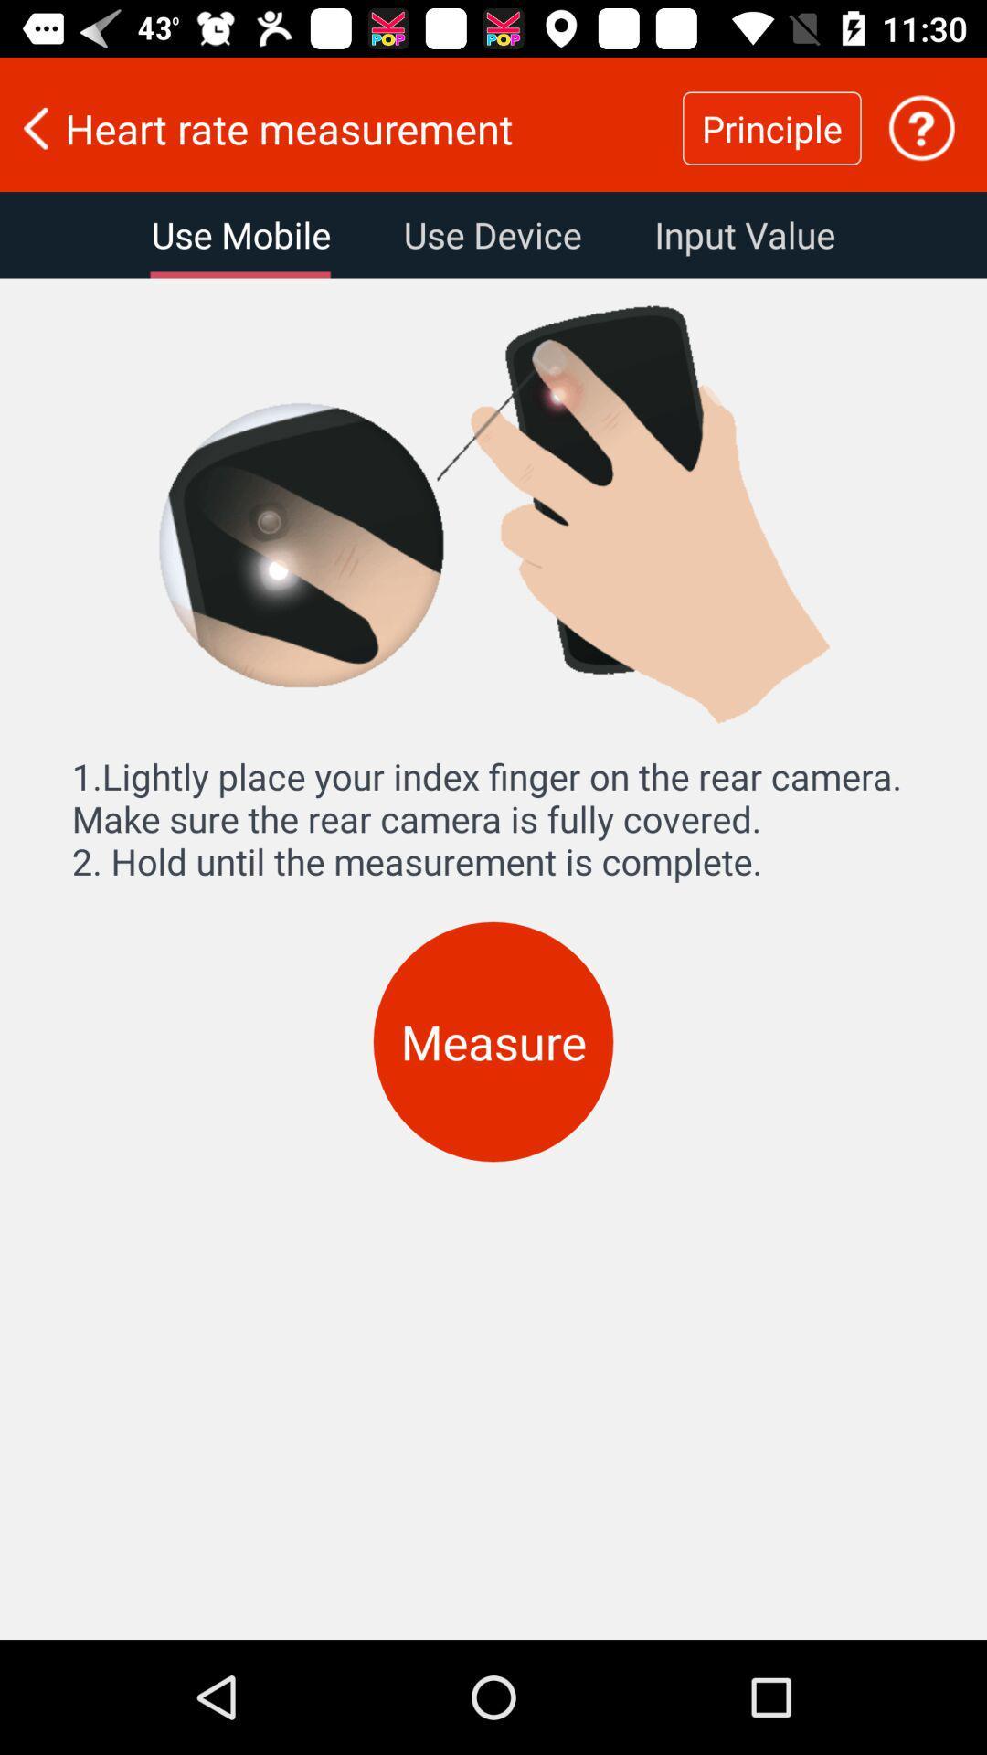 The height and width of the screenshot is (1755, 987). Describe the element at coordinates (493, 1042) in the screenshot. I see `the measure icon` at that location.